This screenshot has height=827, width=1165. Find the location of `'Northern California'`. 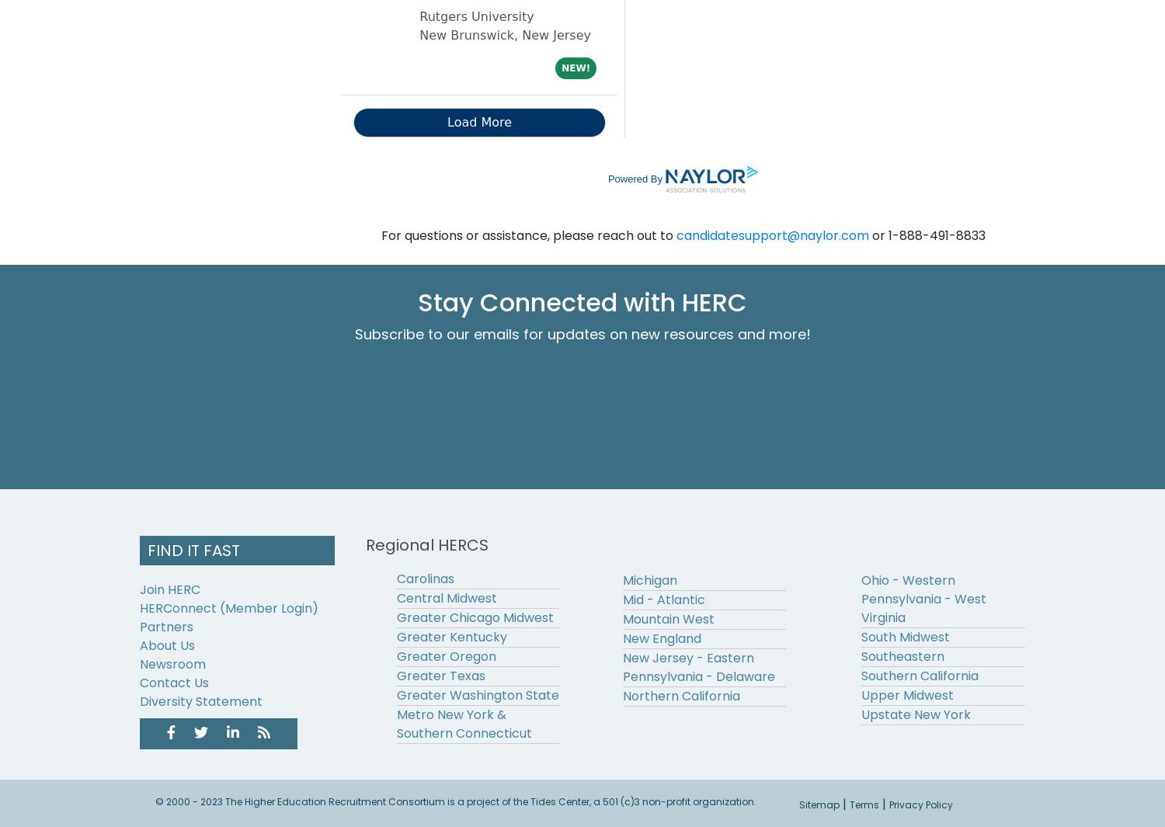

'Northern California' is located at coordinates (680, 696).